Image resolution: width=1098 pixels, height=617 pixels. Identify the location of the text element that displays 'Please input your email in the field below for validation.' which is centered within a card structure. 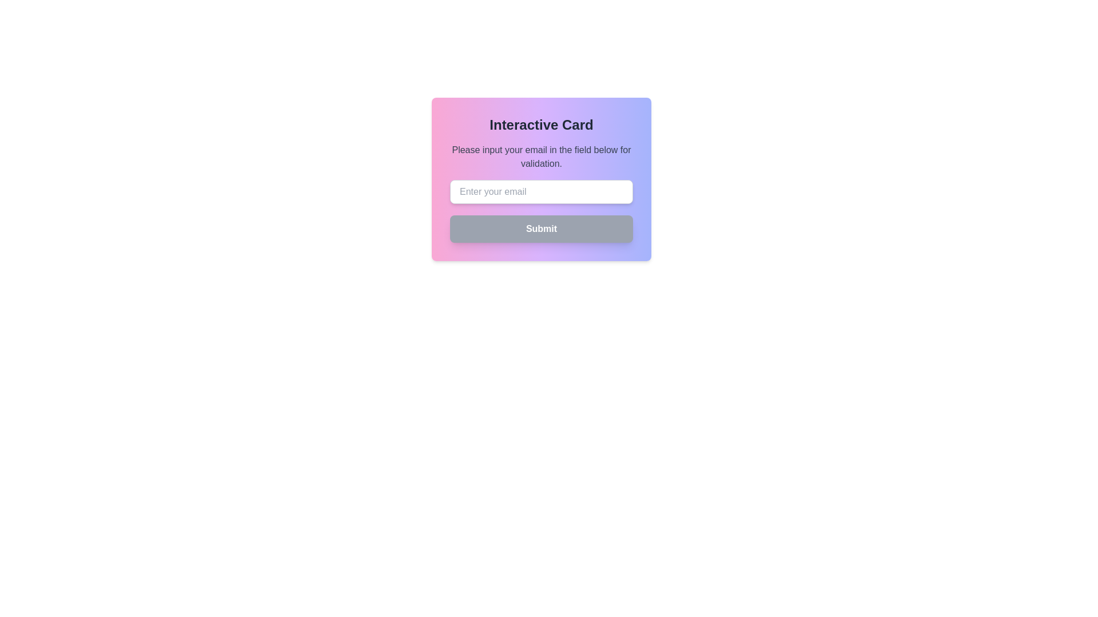
(540, 157).